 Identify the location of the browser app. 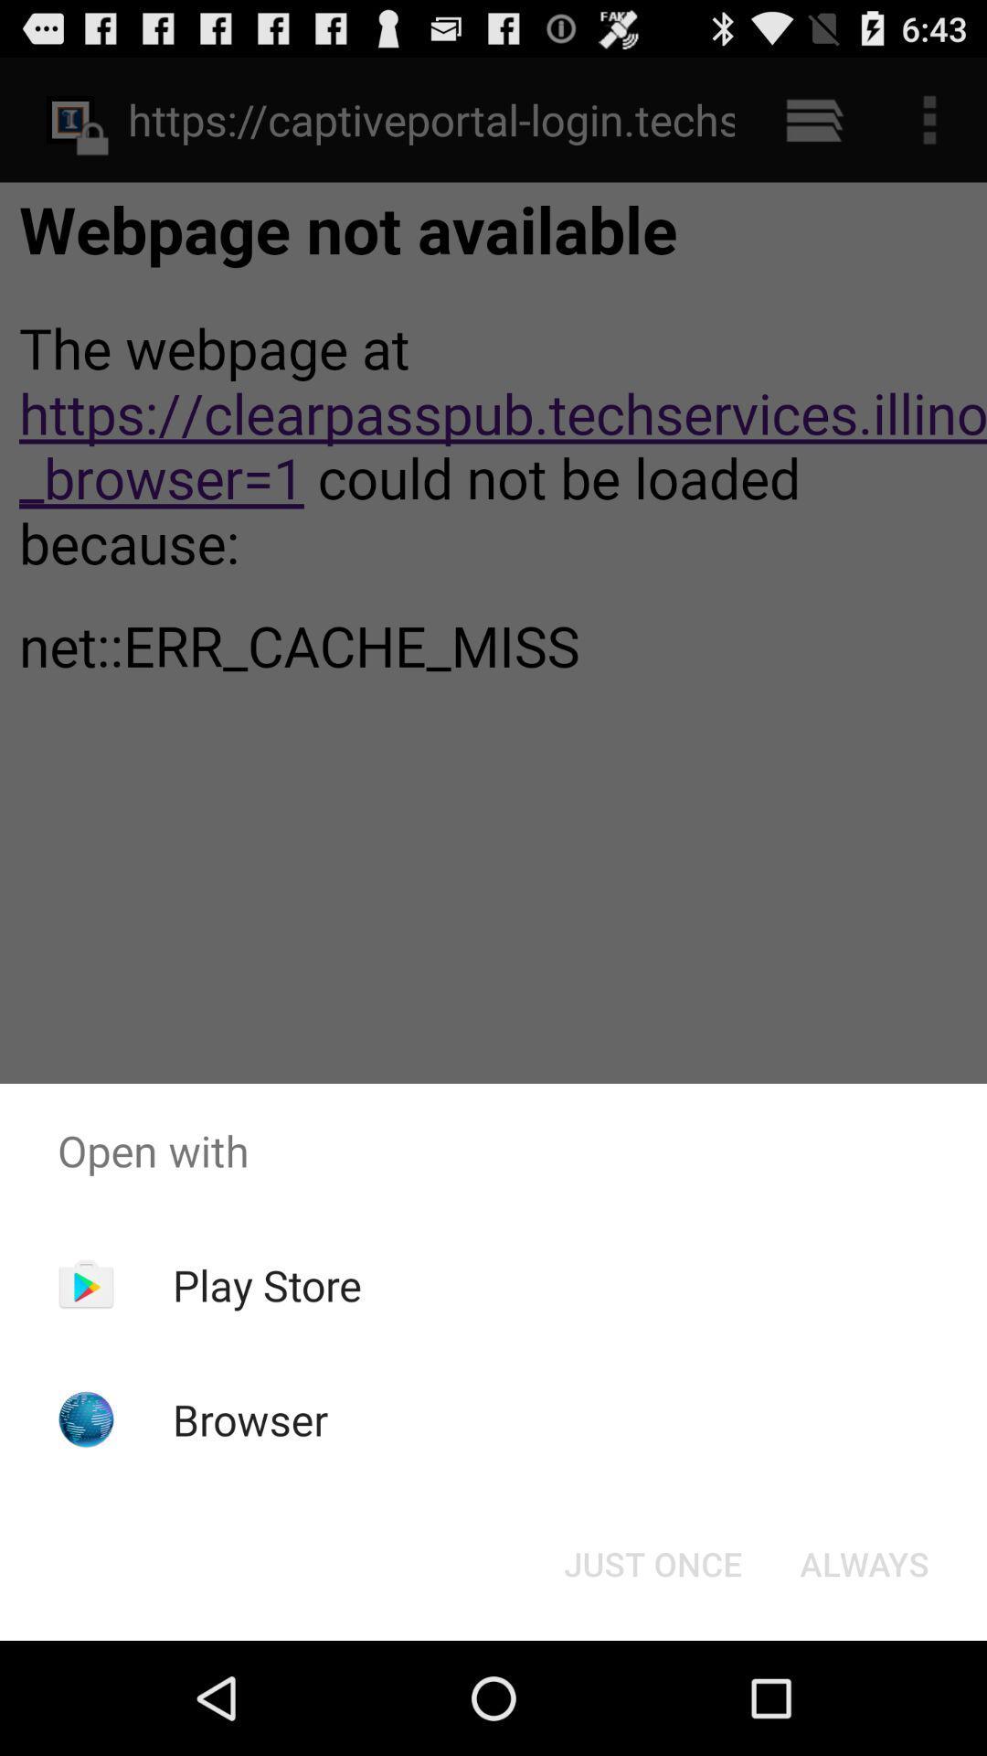
(250, 1419).